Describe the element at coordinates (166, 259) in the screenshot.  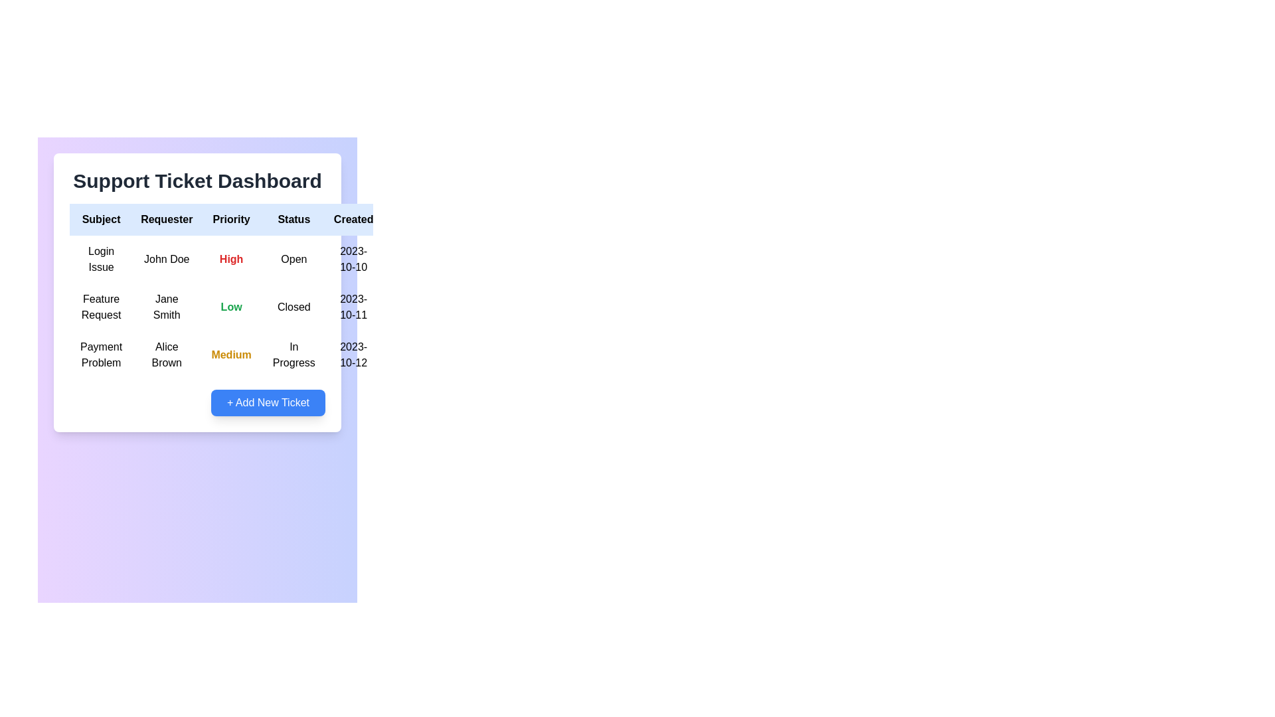
I see `the text label displaying the name of the person associated with the 'Login Issue' ticket in the second column of the table` at that location.